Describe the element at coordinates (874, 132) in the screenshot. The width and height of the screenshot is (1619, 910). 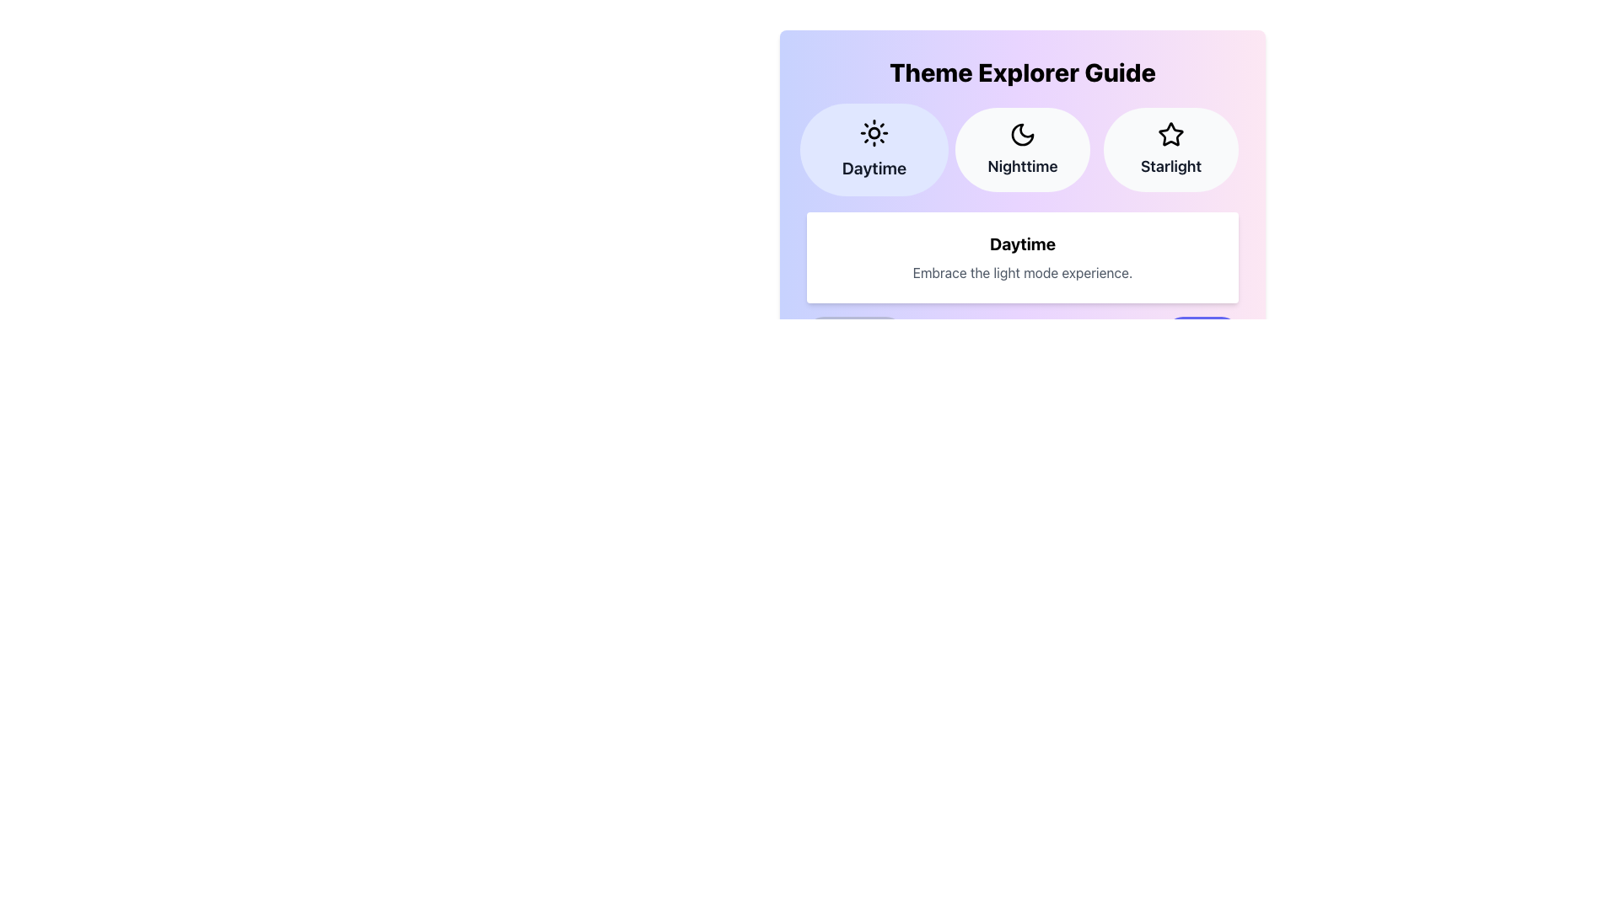
I see `the circular icon component within the sun illustration in the Theme Explorer Guide, located above the 'Daytime' text` at that location.